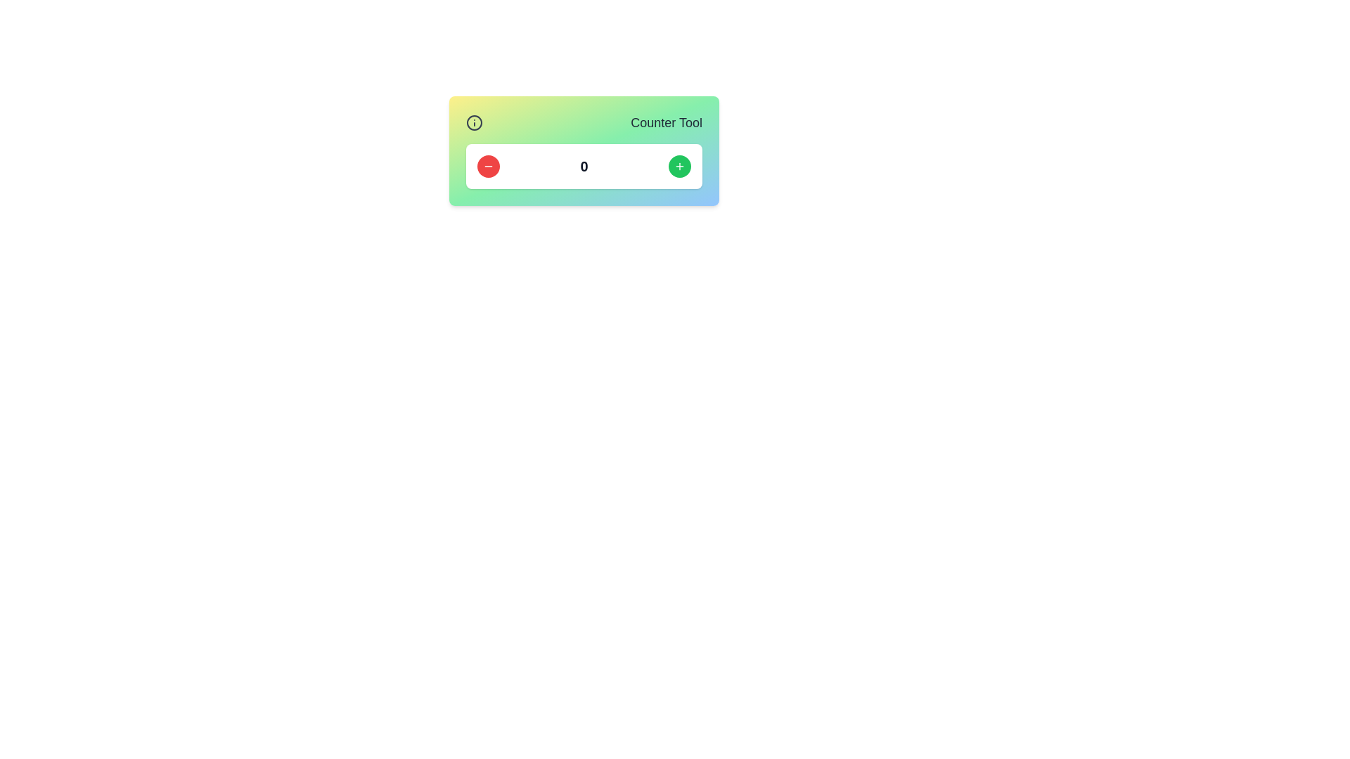 The height and width of the screenshot is (759, 1350). What do you see at coordinates (489, 165) in the screenshot?
I see `the decrement button represented by a minus sign located on the leftmost circular button in the central region to decrement the counter` at bounding box center [489, 165].